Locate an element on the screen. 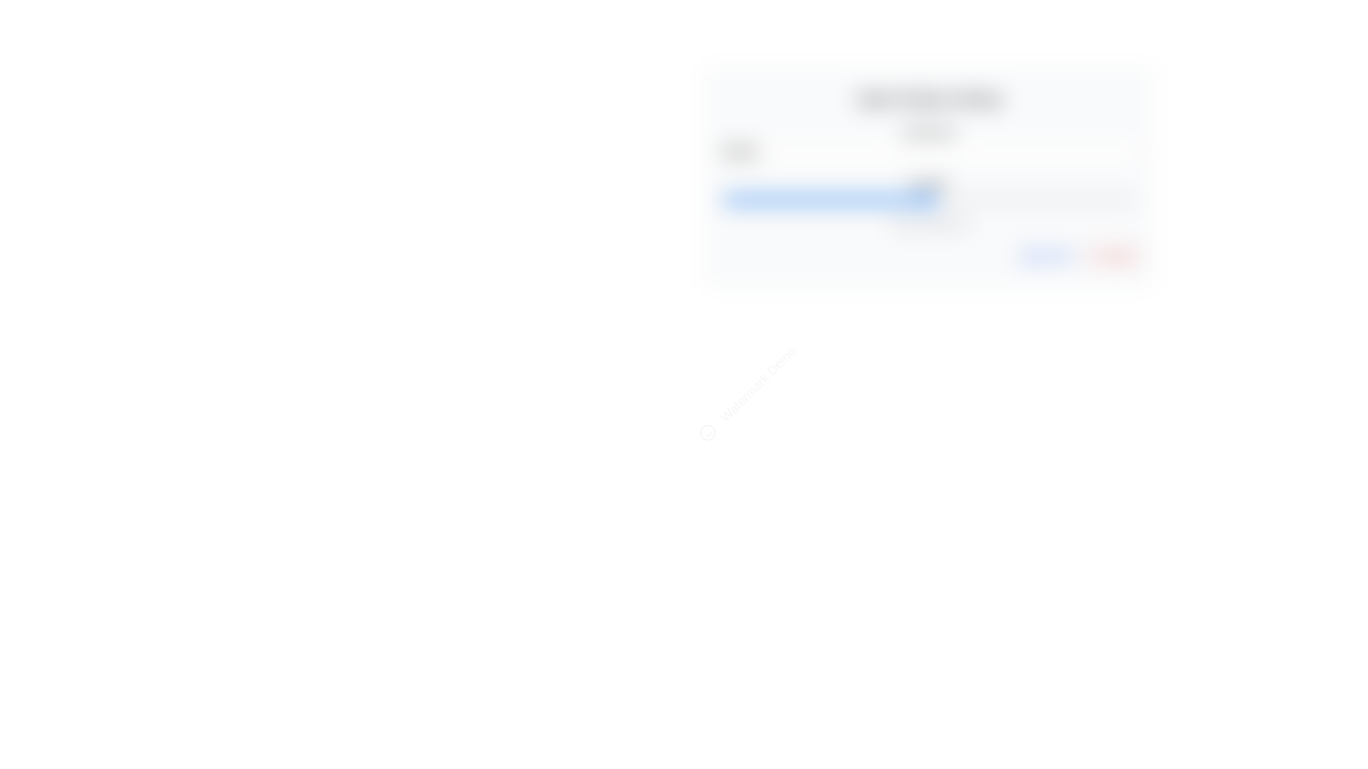 The height and width of the screenshot is (769, 1368). intensity is located at coordinates (855, 200).